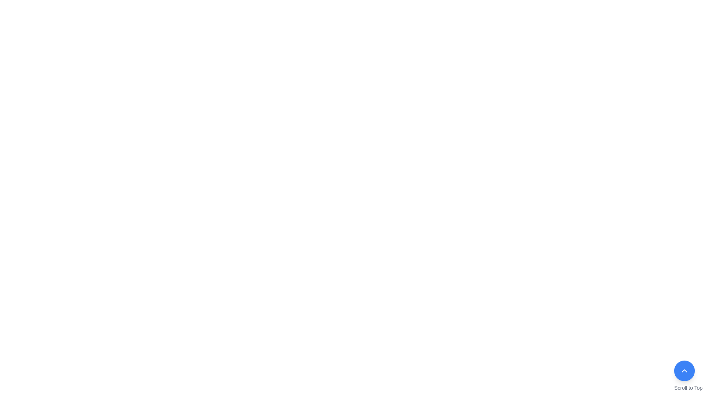 The width and height of the screenshot is (710, 399). Describe the element at coordinates (684, 371) in the screenshot. I see `the upward direction icon located centrally within the circular button in the bottom-right corner of the interface` at that location.